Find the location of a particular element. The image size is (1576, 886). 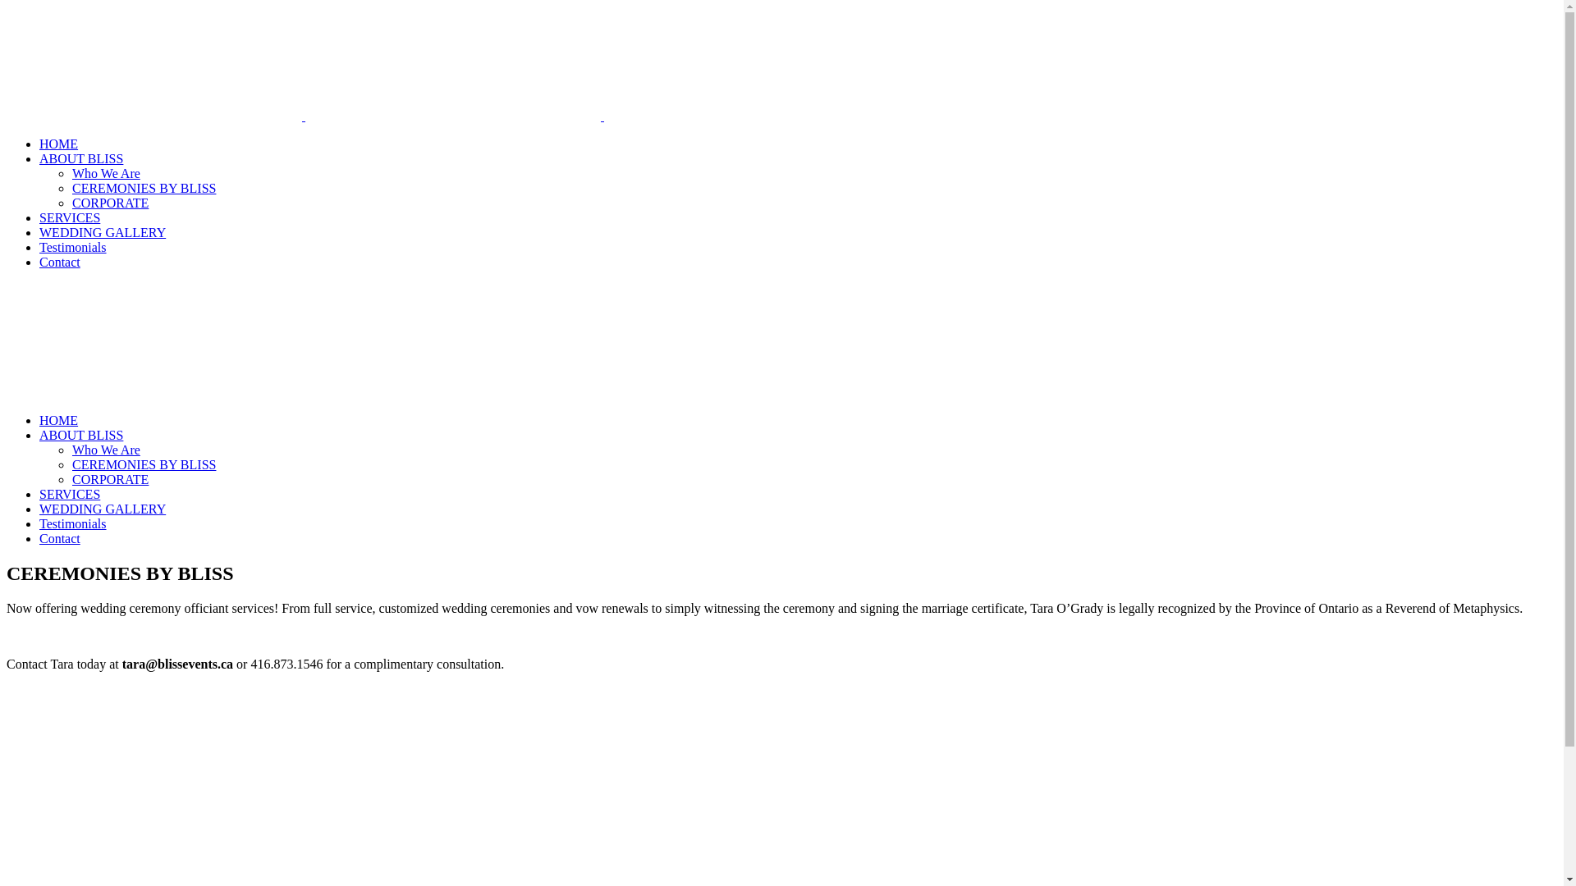

'CORPORATE' is located at coordinates (71, 202).